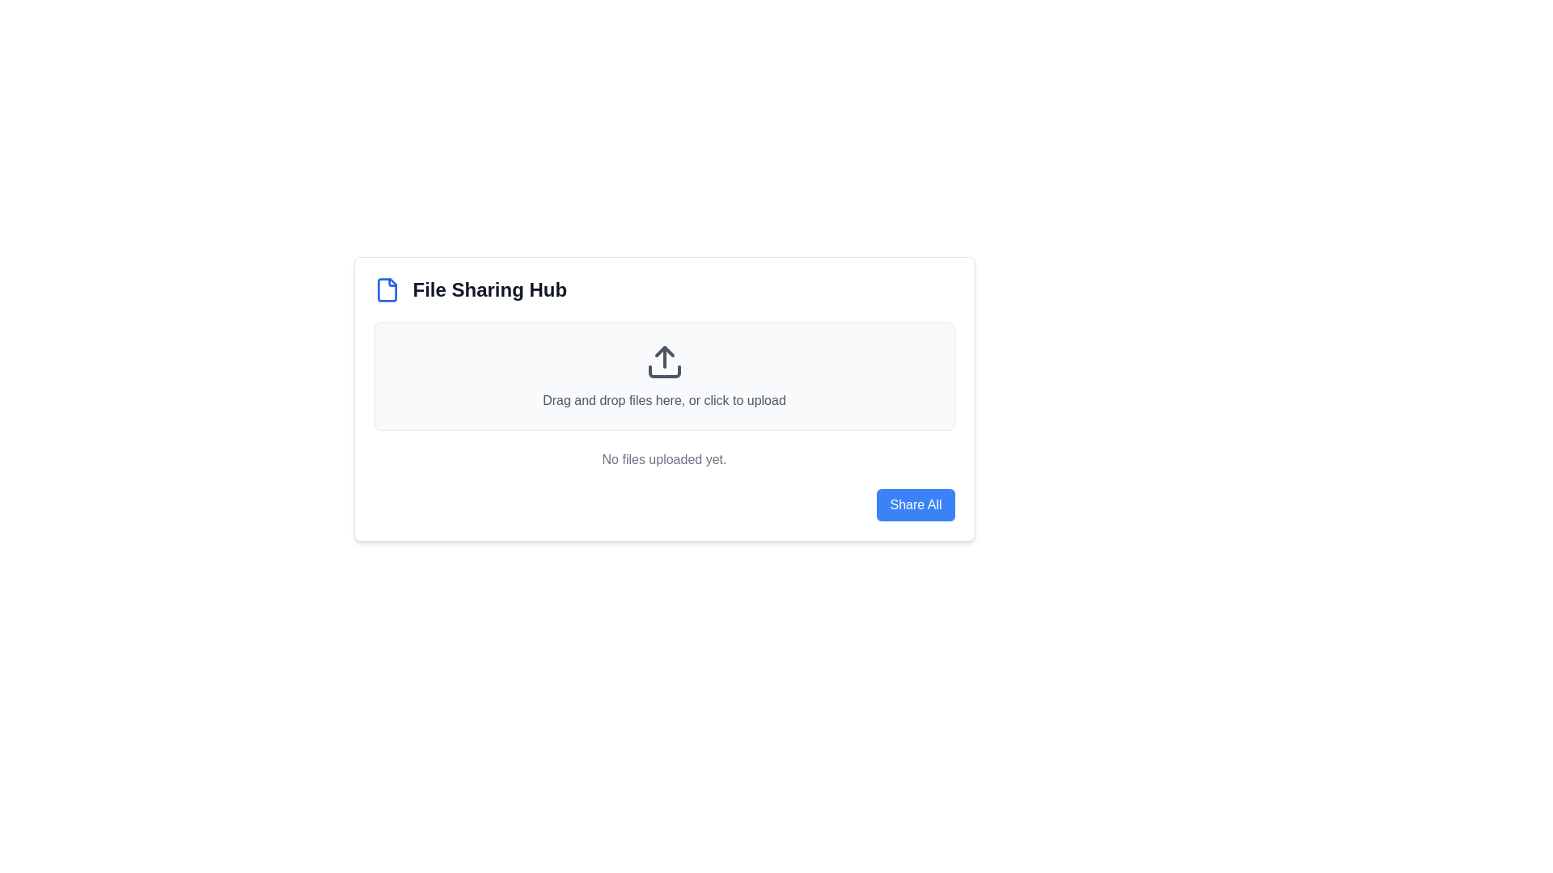 Image resolution: width=1553 pixels, height=873 pixels. What do you see at coordinates (386, 289) in the screenshot?
I see `the file document icon located in the top left of the card header, which has a rectangular outline and a folded corner at the top right` at bounding box center [386, 289].